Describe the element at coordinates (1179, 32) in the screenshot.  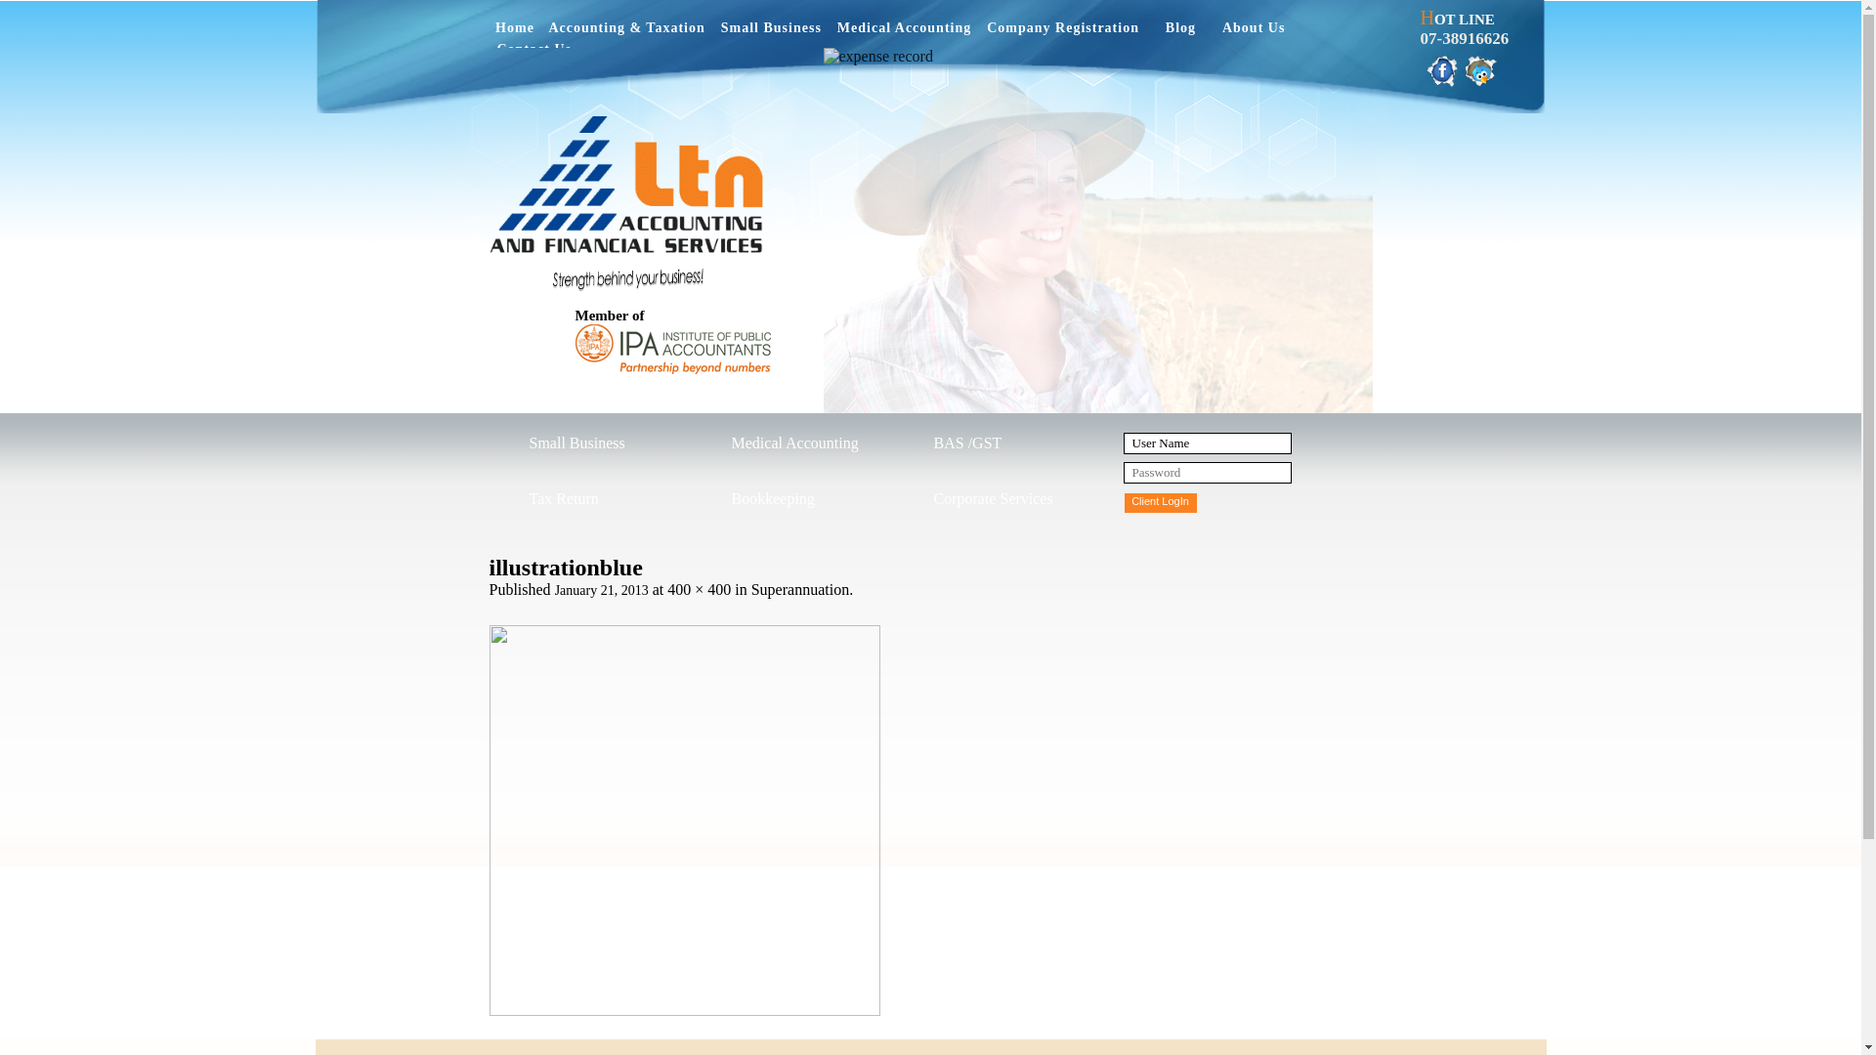
I see `'Blog'` at that location.